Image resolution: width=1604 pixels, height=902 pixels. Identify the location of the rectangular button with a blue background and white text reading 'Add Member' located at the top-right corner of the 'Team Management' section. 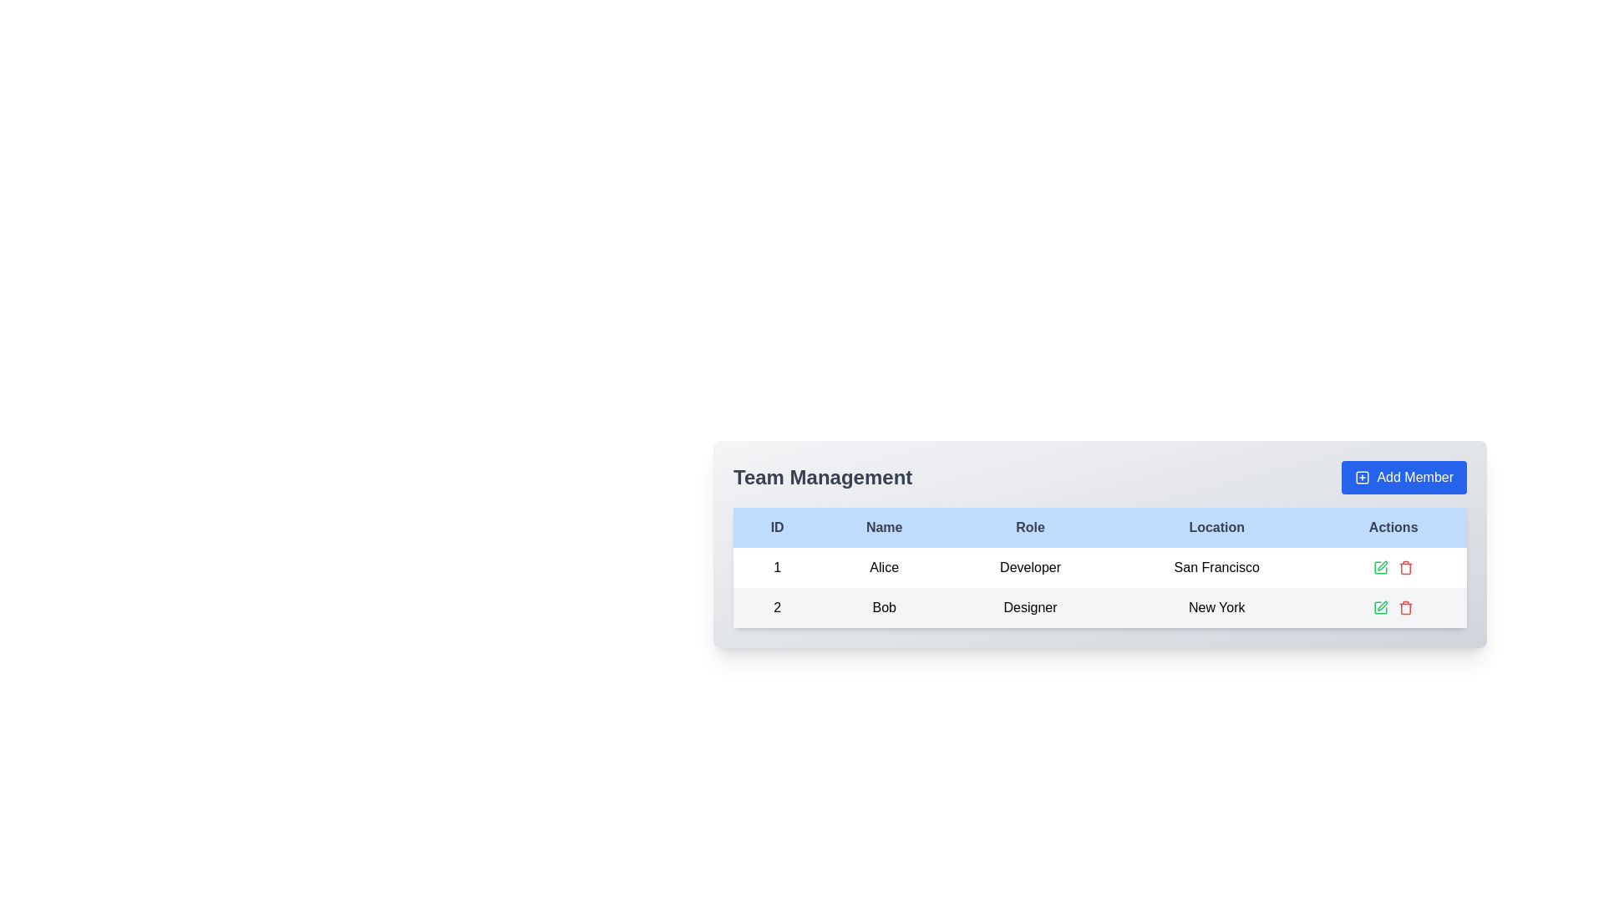
(1403, 477).